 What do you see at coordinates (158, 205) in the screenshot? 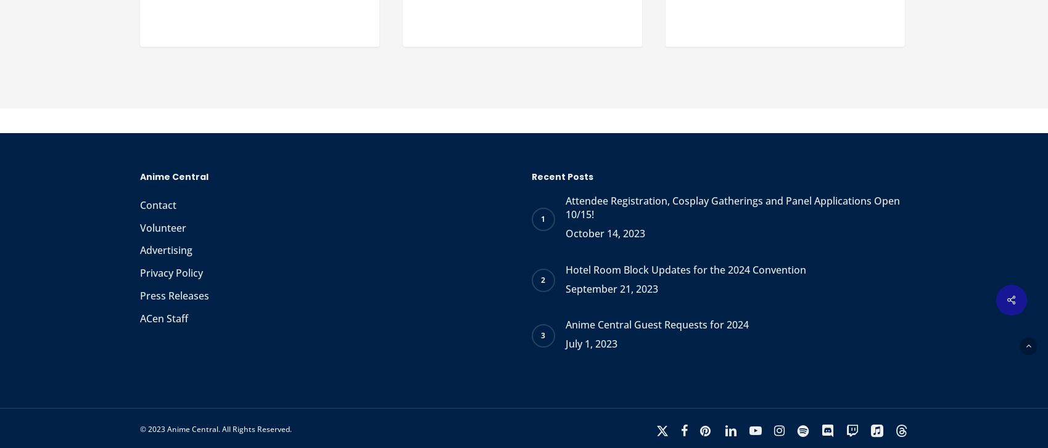
I see `'Contact'` at bounding box center [158, 205].